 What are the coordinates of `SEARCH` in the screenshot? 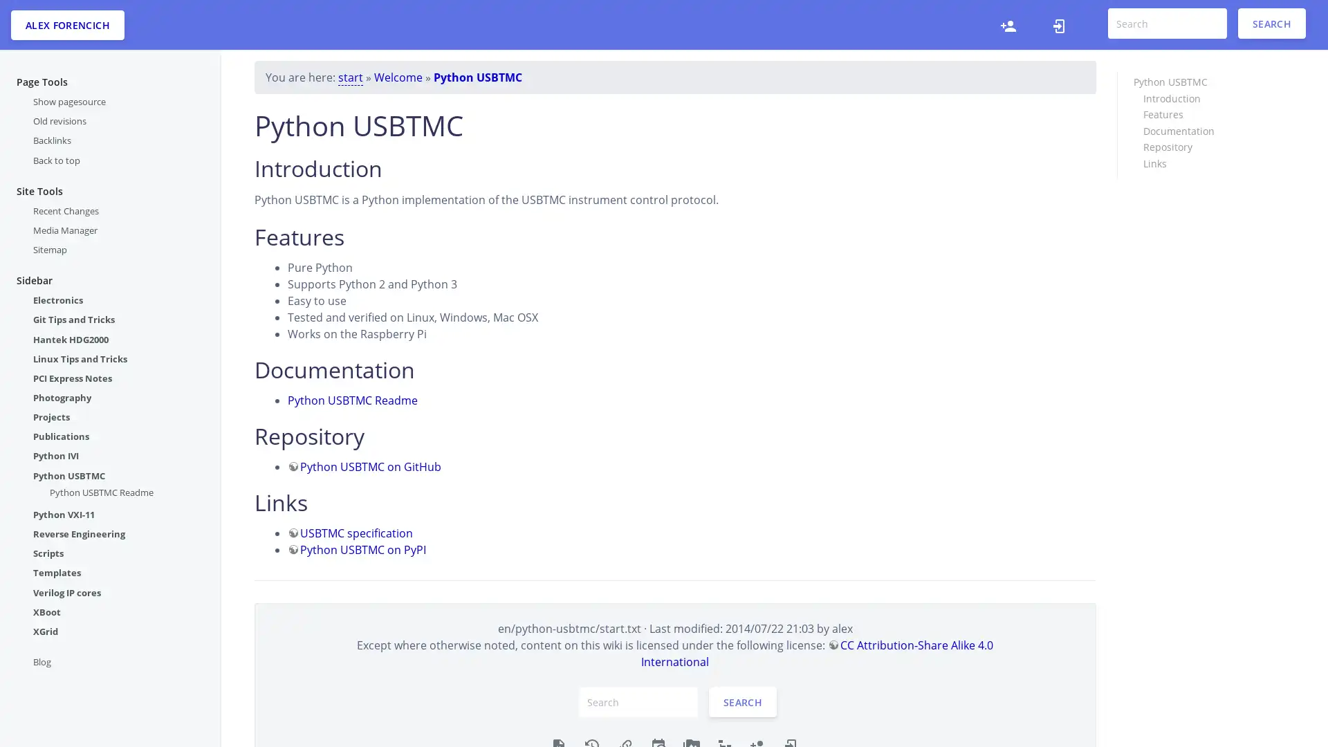 It's located at (1271, 24).